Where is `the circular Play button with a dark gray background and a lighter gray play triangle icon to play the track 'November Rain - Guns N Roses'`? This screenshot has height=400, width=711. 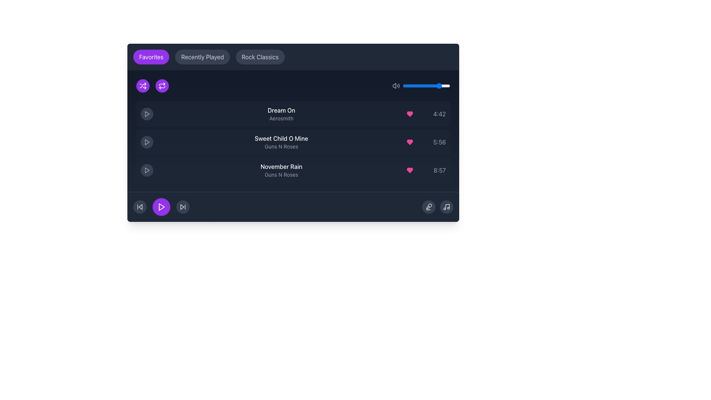 the circular Play button with a dark gray background and a lighter gray play triangle icon to play the track 'November Rain - Guns N Roses' is located at coordinates (147, 170).